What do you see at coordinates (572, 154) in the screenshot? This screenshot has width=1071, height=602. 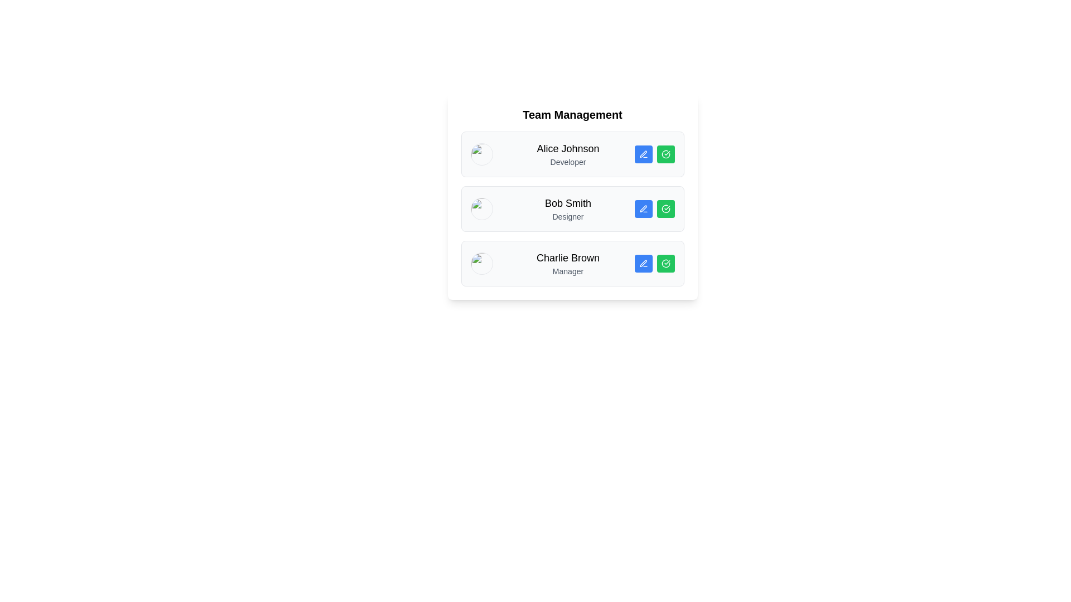 I see `the profile picture of the user profile summary for 'Alice Johnson', which is the first item in the list of team members` at bounding box center [572, 154].